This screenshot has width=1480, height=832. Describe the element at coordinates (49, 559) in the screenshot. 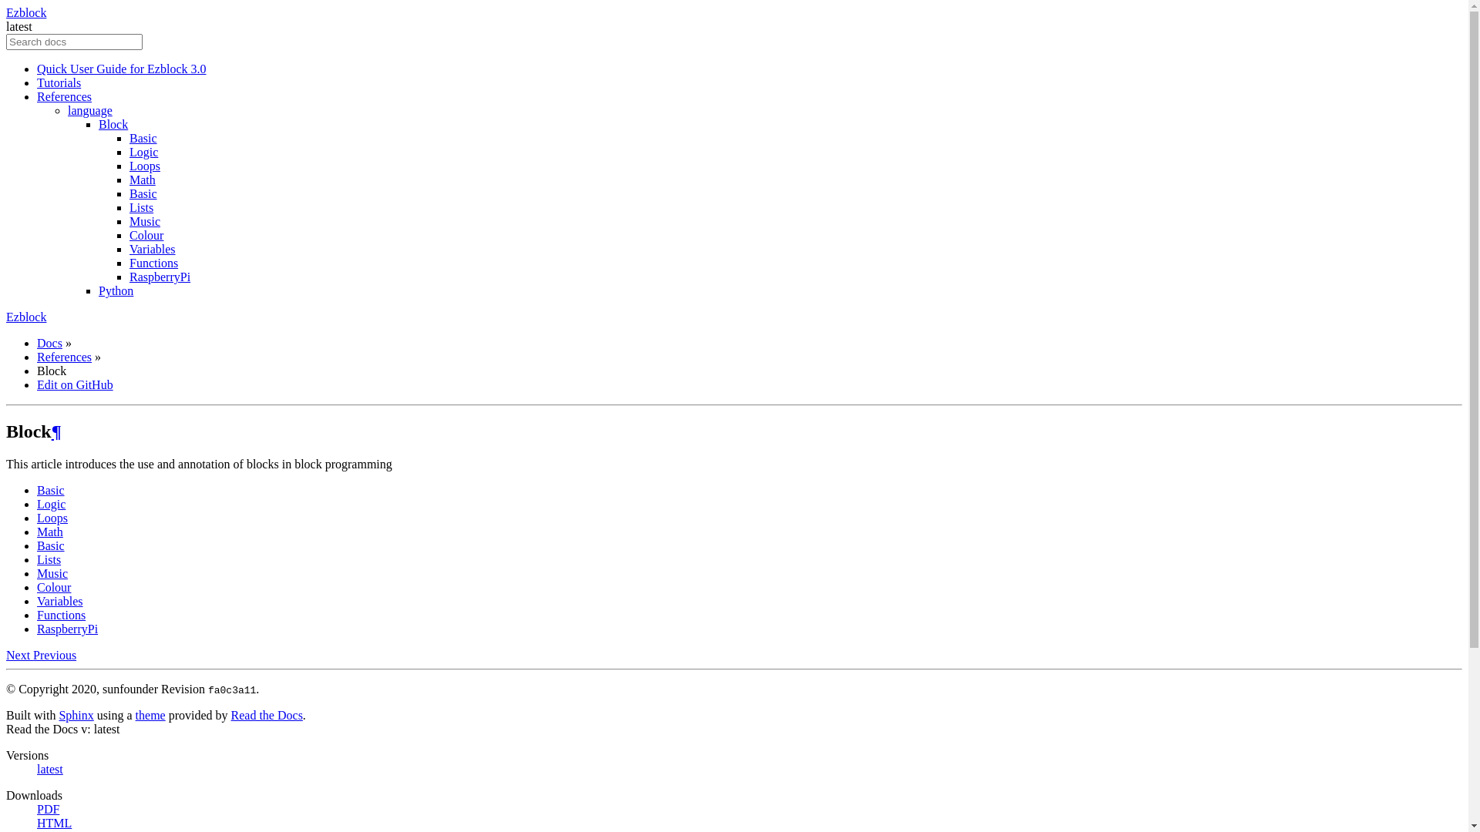

I see `'Lists'` at that location.